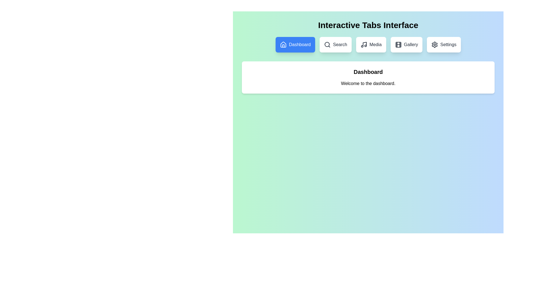 This screenshot has width=535, height=300. Describe the element at coordinates (283, 44) in the screenshot. I see `the house-shaped icon with a blue background and white outer structure located within the 'Dashboard' button in the top left corner of the button group` at that location.